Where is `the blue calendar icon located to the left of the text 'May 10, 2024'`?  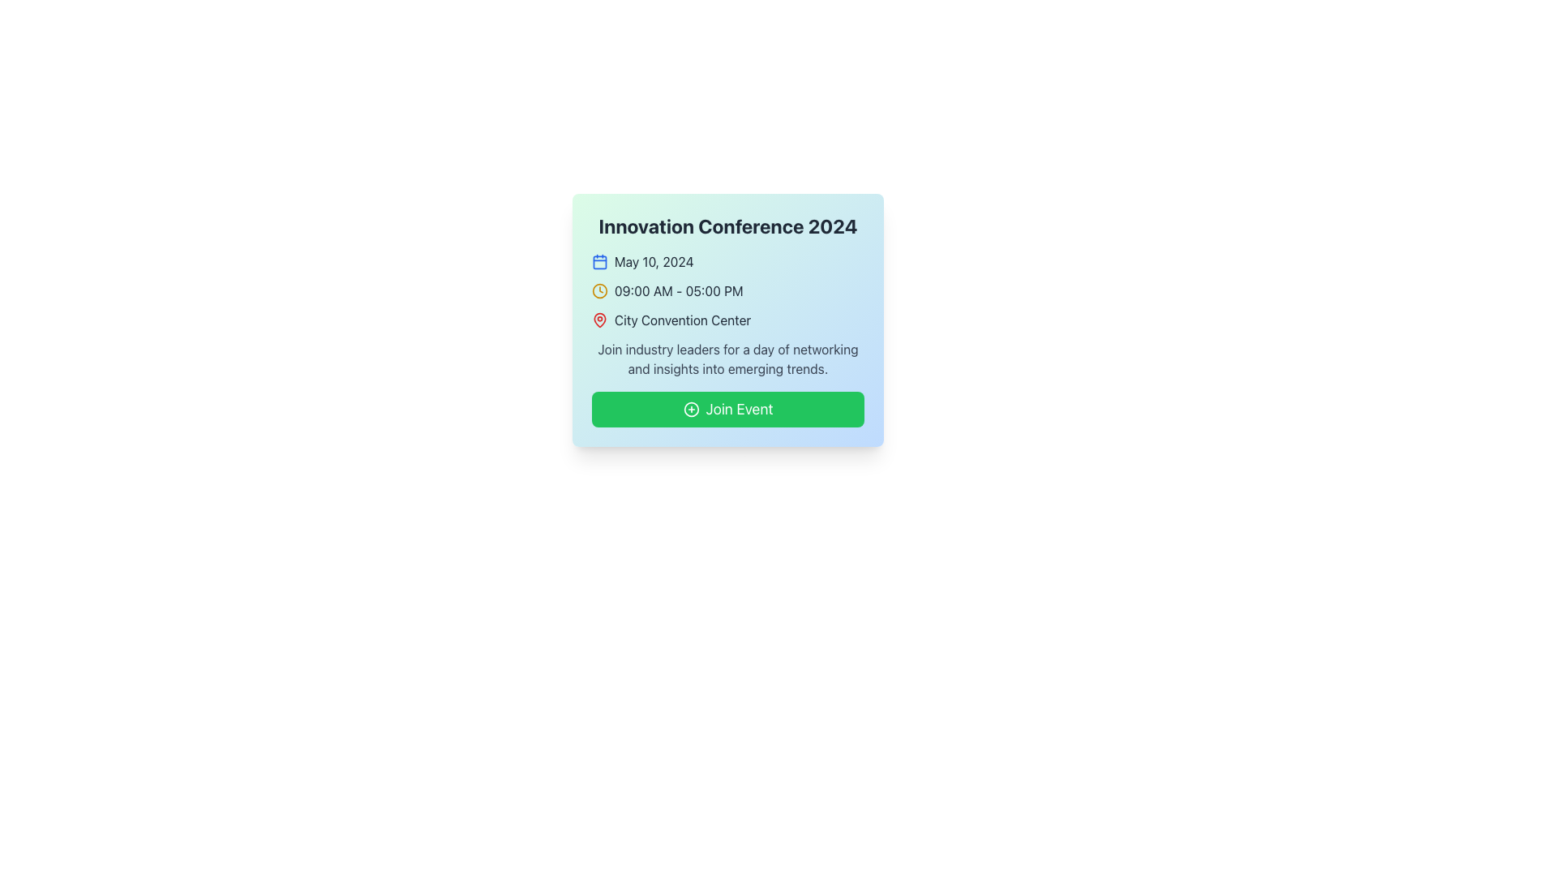
the blue calendar icon located to the left of the text 'May 10, 2024' is located at coordinates (598, 261).